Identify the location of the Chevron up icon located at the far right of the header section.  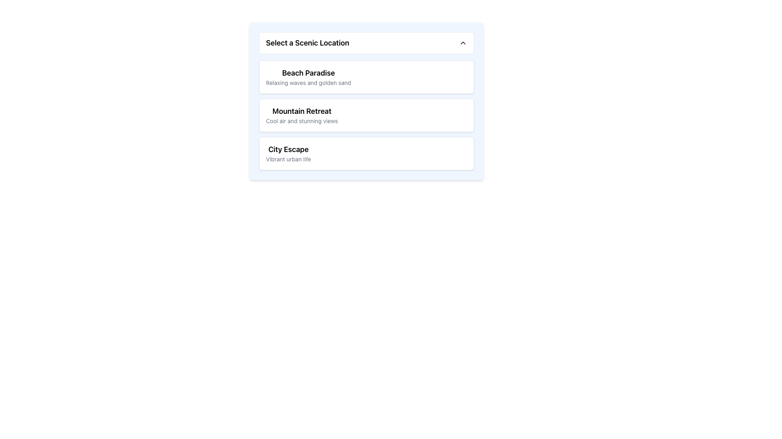
(463, 43).